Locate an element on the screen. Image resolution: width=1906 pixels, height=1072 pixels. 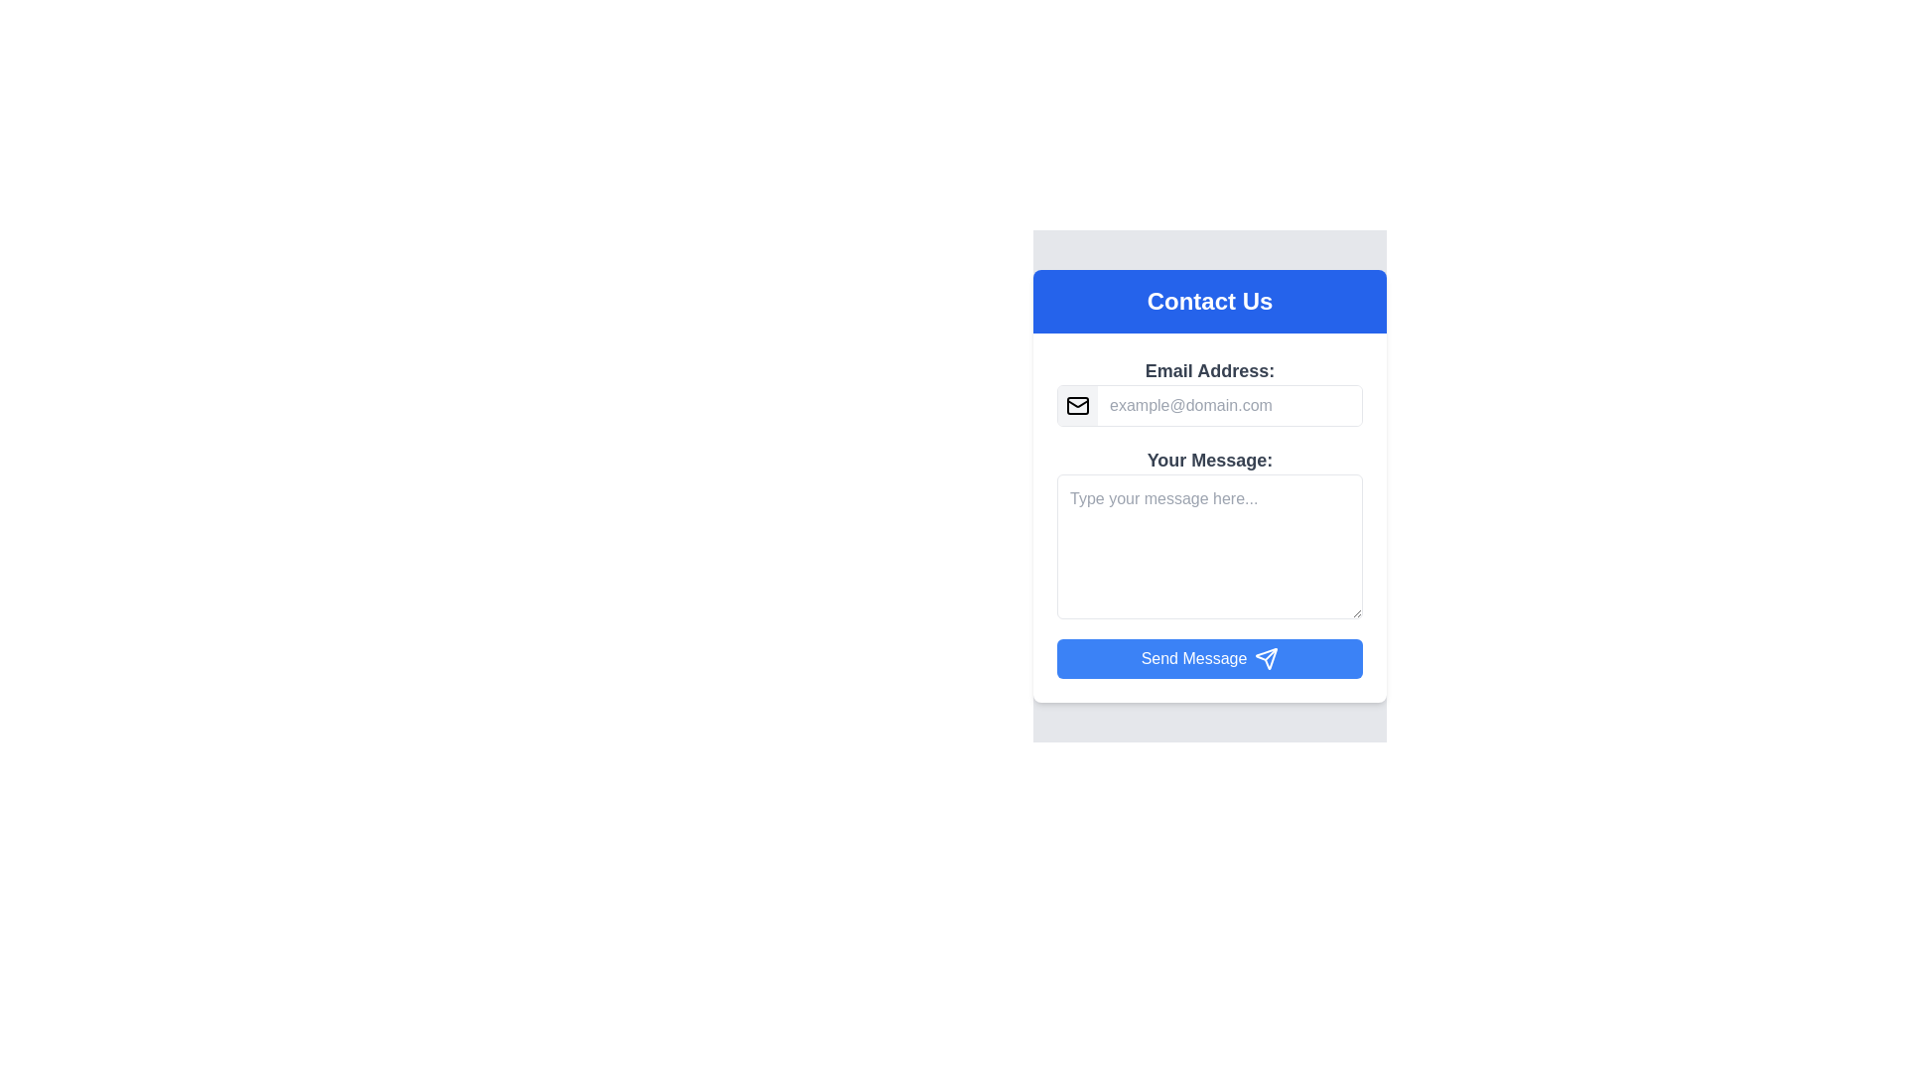
the email input field located in the center of the 'Contact Us' form to focus on it for email address entry is located at coordinates (1228, 404).